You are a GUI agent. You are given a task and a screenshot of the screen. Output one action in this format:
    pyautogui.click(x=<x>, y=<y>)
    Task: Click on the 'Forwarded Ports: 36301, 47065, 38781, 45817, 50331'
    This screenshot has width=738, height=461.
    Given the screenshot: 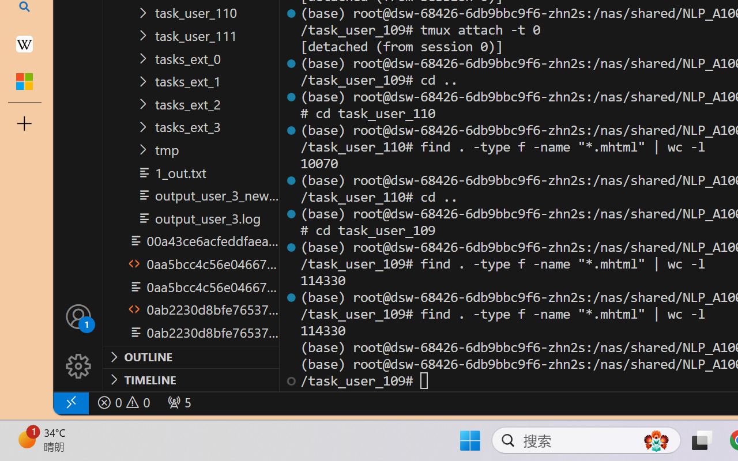 What is the action you would take?
    pyautogui.click(x=178, y=402)
    